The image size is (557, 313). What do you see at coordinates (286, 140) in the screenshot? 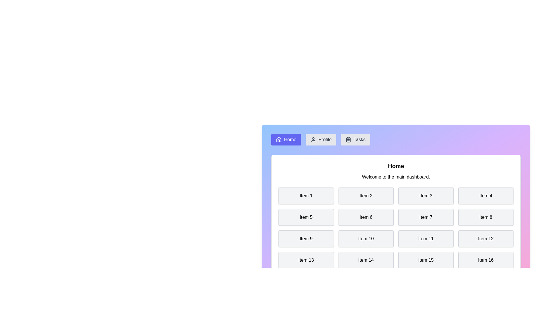
I see `the Home tab by clicking its navigation button` at bounding box center [286, 140].